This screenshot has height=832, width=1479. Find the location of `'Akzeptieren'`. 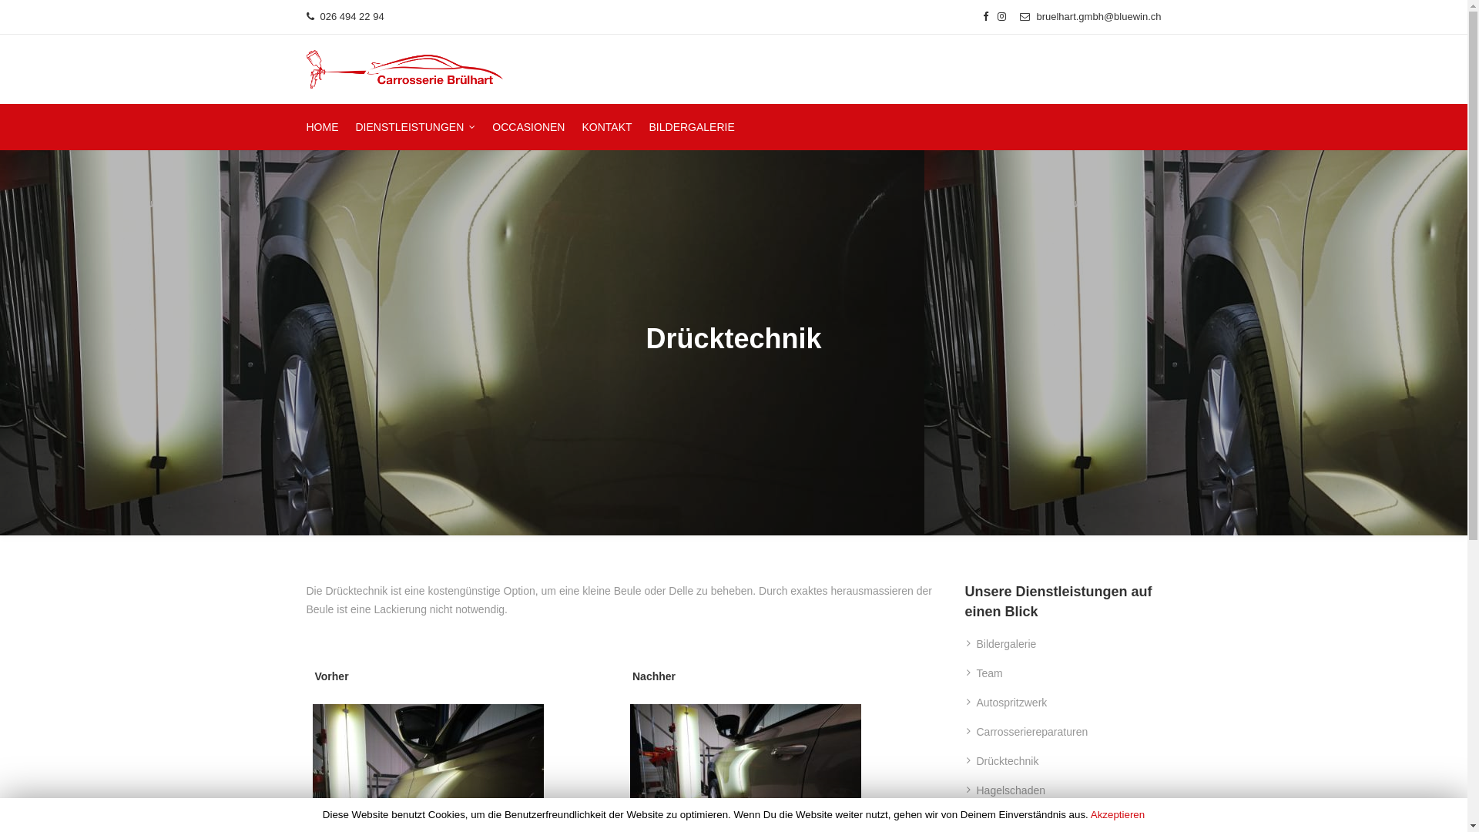

'Akzeptieren' is located at coordinates (1117, 814).